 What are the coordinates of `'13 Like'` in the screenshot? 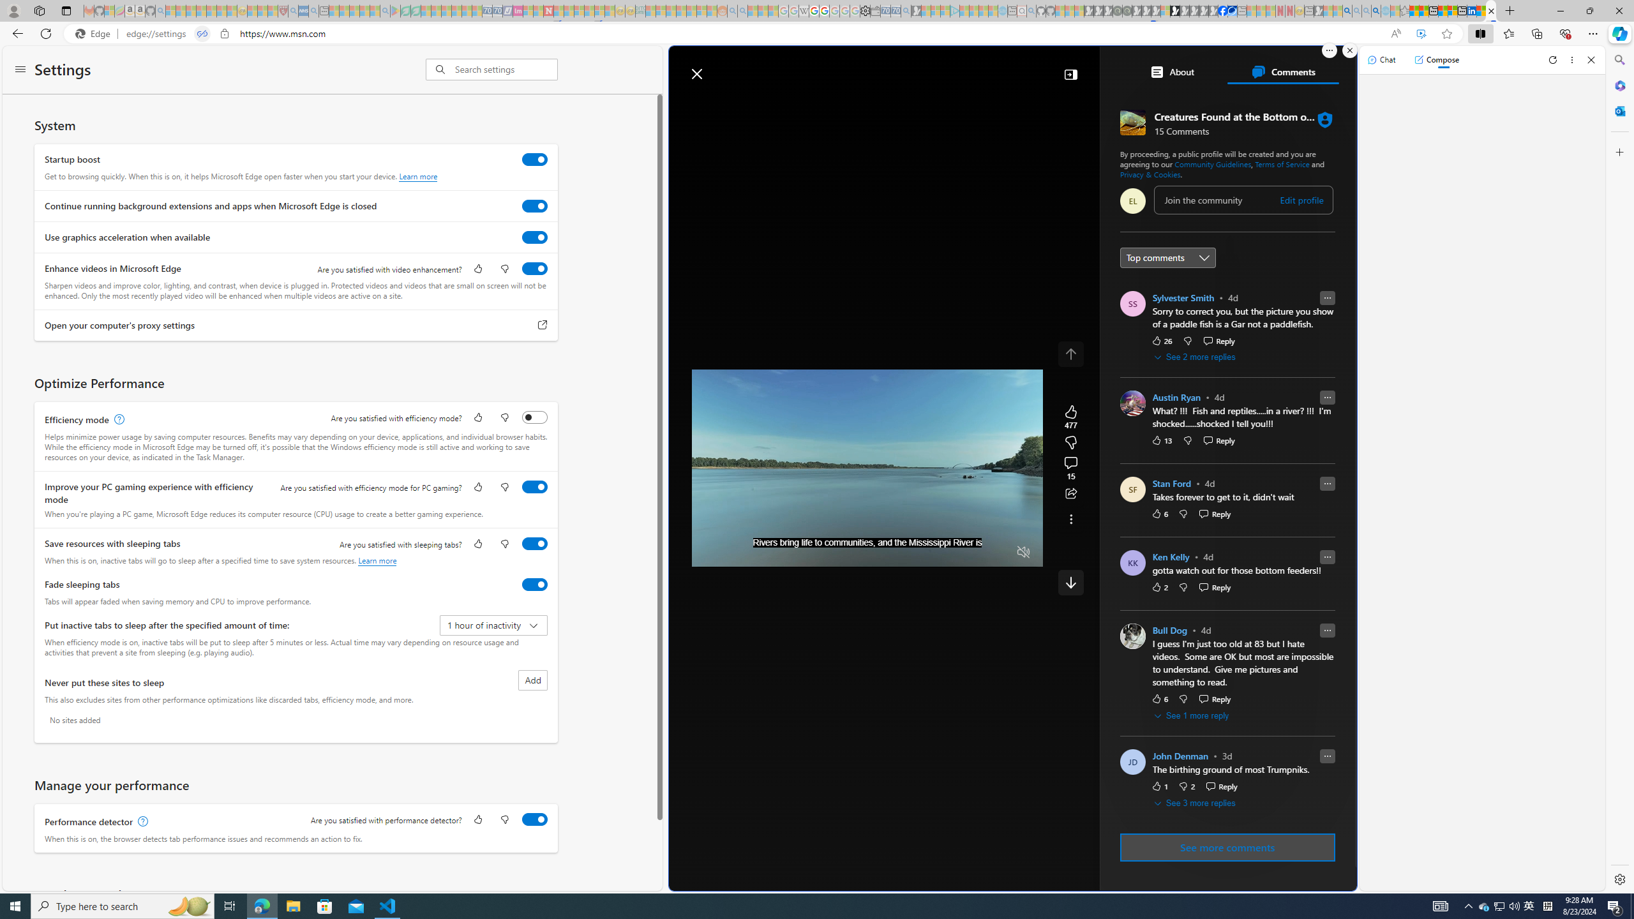 It's located at (1161, 440).